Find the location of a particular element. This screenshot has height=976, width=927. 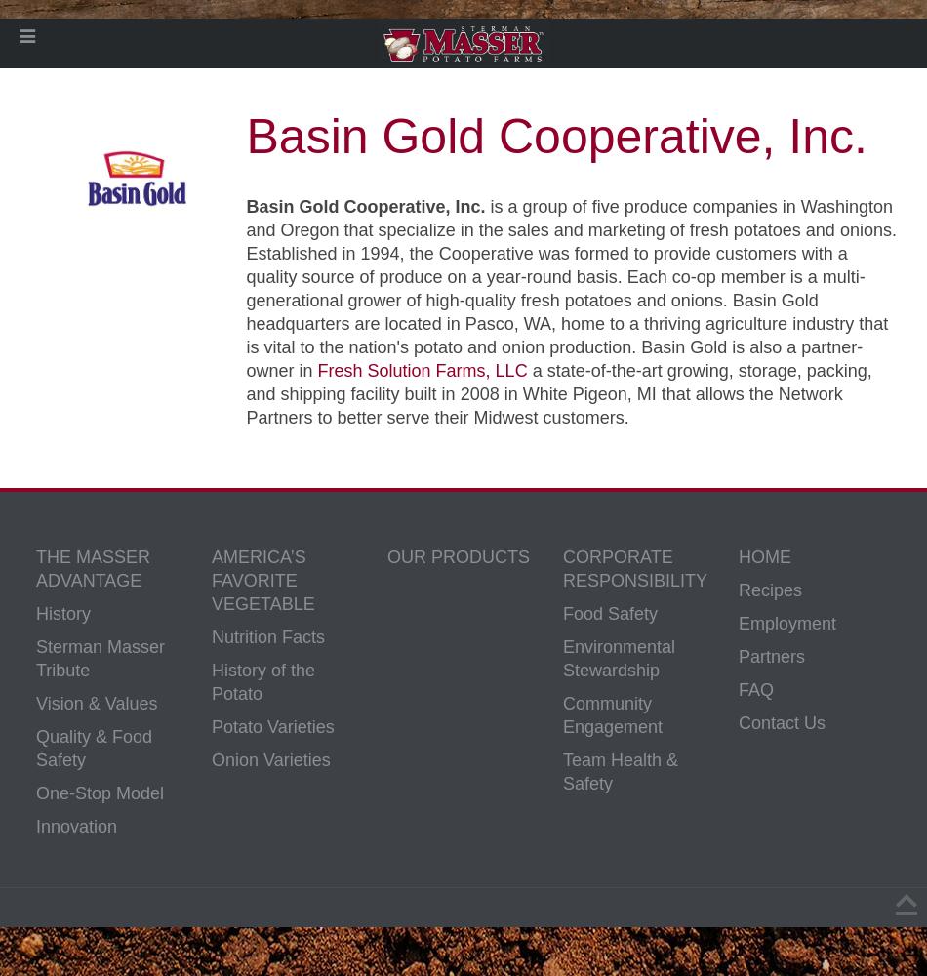

'Home' is located at coordinates (764, 556).